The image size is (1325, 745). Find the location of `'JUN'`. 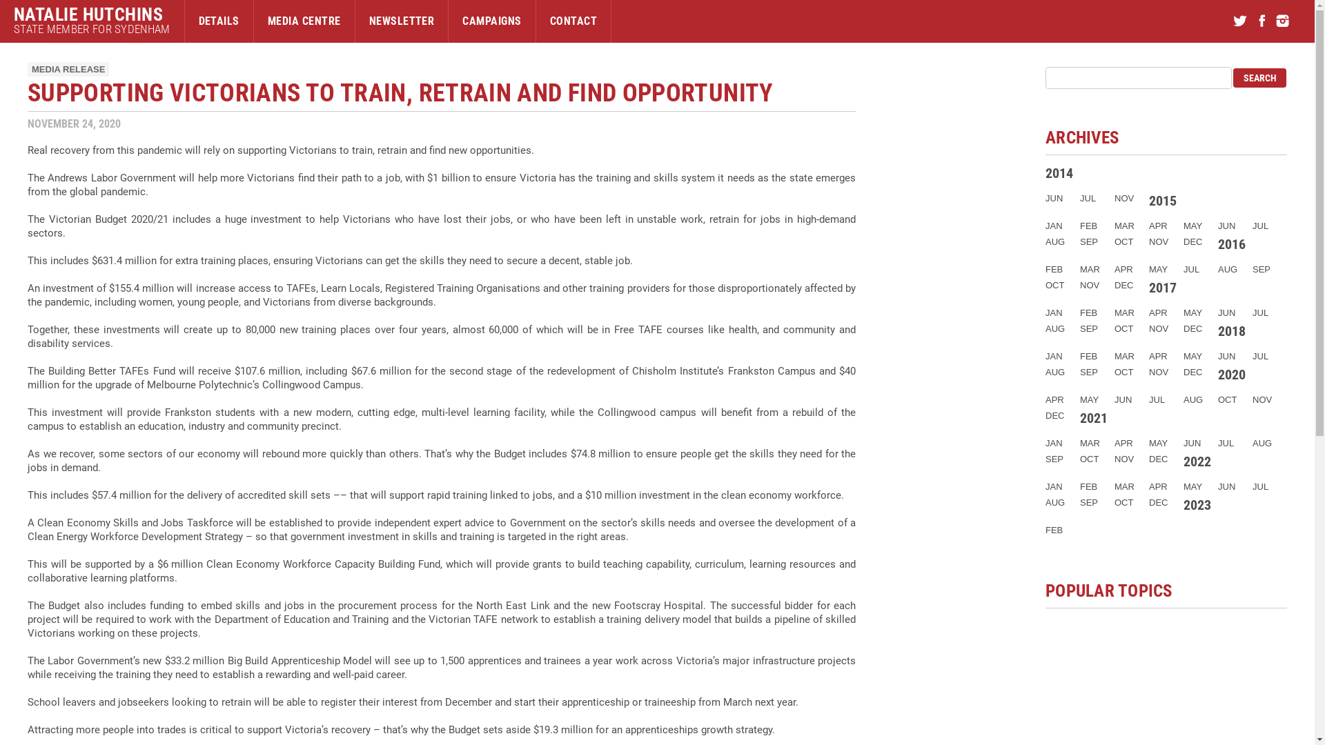

'JUN' is located at coordinates (1226, 225).